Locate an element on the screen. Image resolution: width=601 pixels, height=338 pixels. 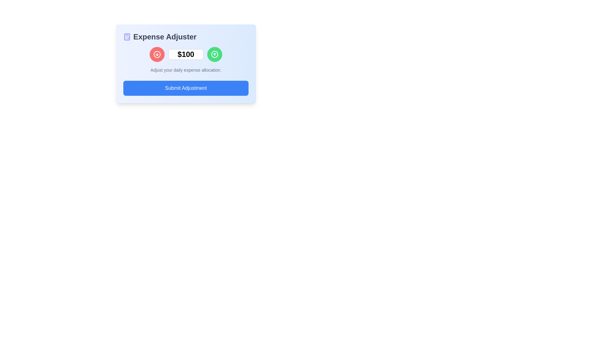
the button located on the left side of a horizontal arrangement that decrements the value displayed in the central text field, which shows '$100' is located at coordinates (157, 54).